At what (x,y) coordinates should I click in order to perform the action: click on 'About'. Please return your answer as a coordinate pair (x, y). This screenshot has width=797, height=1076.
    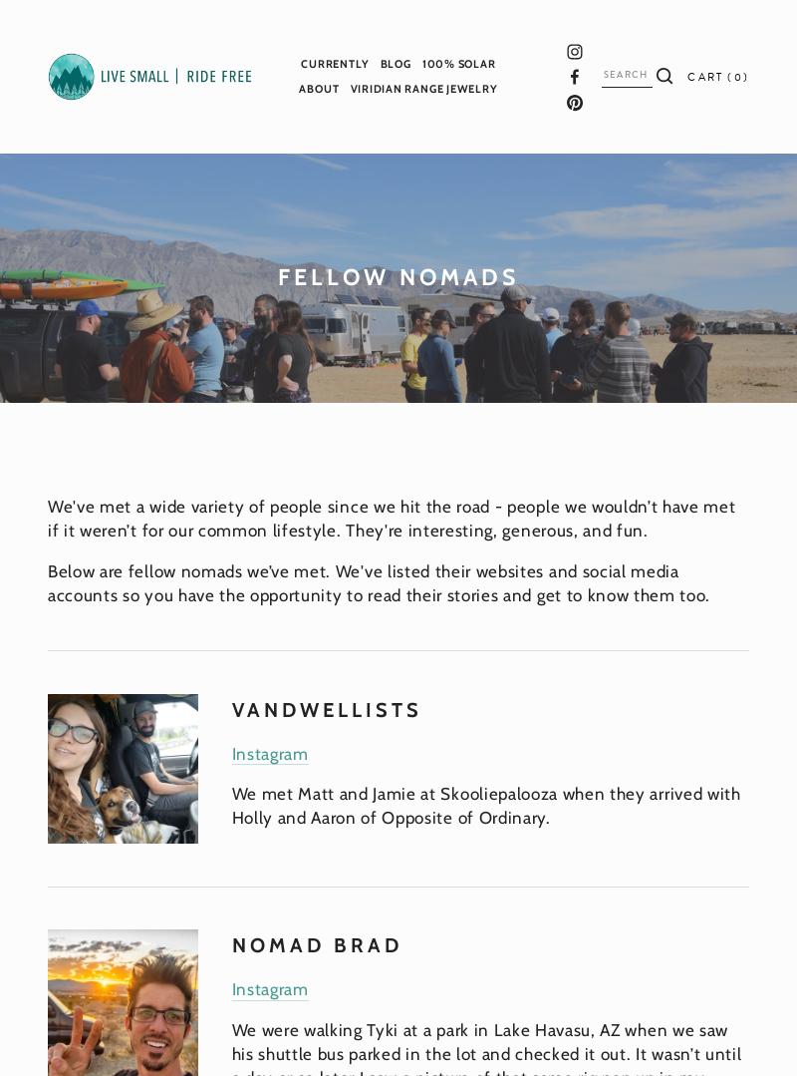
    Looking at the image, I should click on (318, 88).